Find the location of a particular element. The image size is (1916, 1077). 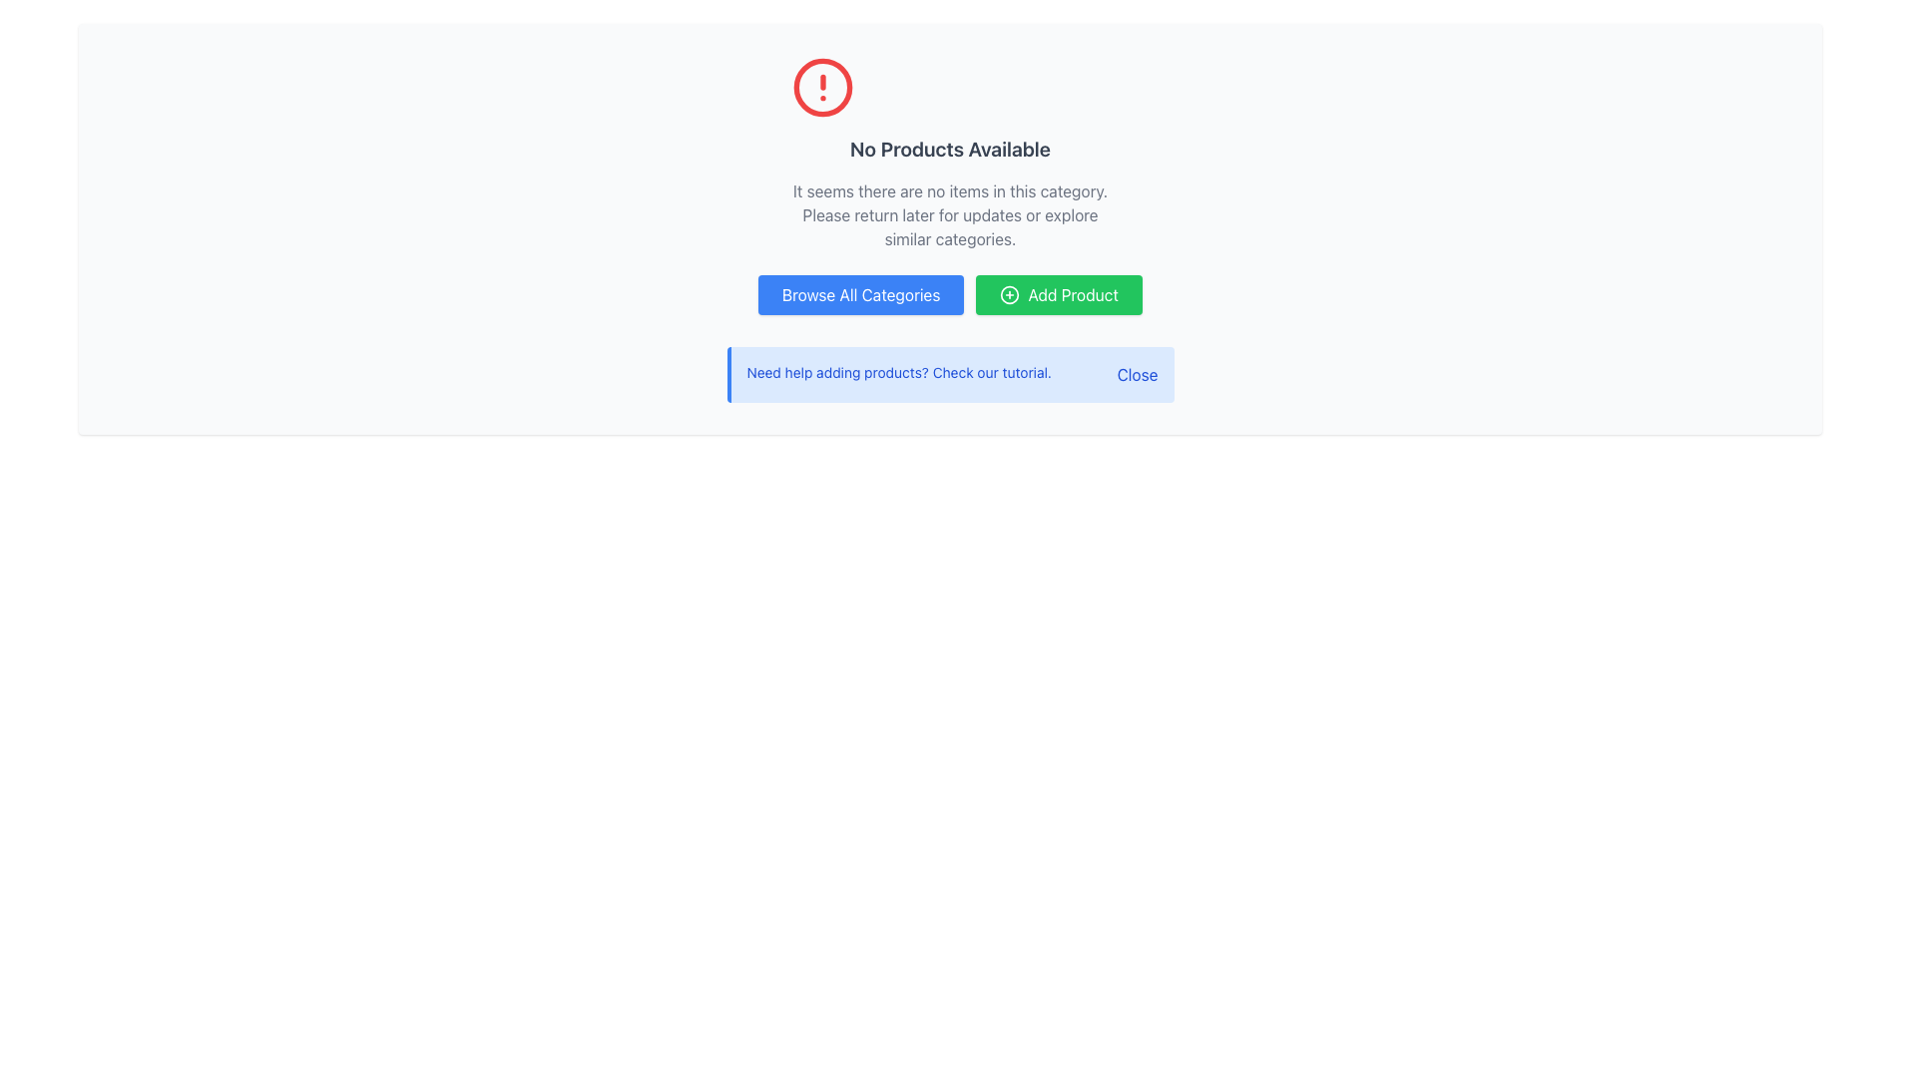

the rectangular button labeled 'Browse All Categories' with a blue background and white text to trigger visual feedback is located at coordinates (861, 295).